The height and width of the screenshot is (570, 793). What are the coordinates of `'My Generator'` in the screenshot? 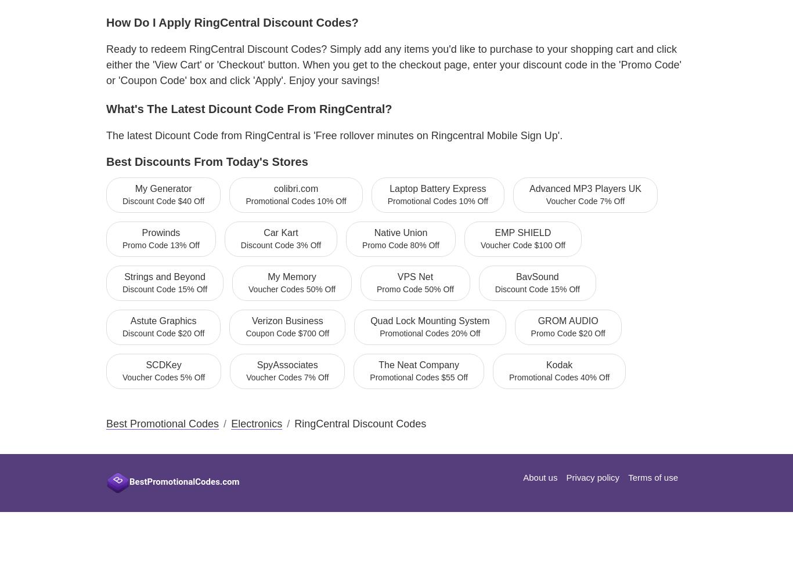 It's located at (163, 188).